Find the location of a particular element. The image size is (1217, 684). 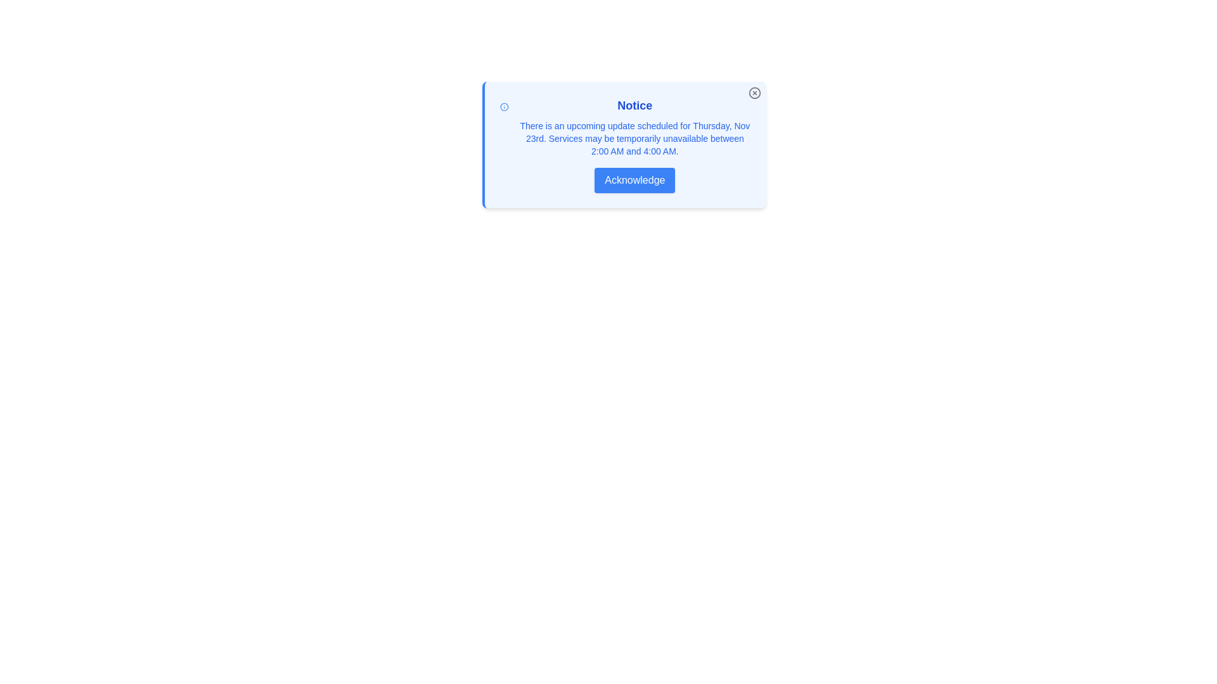

the bold, blue-colored text displaying 'Notice' located at the top of the notification element is located at coordinates (634, 104).